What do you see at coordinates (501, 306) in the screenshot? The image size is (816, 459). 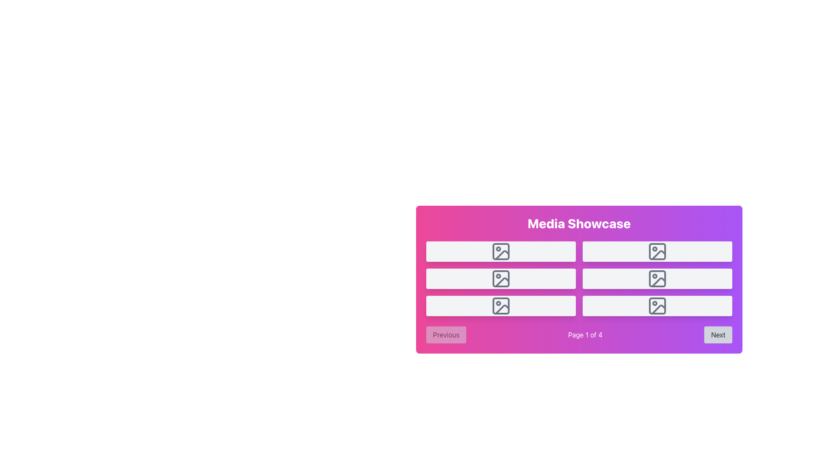 I see `the decorative SVG Rectangle in the Media Showcase module located in the third row and second column of the icon grid` at bounding box center [501, 306].